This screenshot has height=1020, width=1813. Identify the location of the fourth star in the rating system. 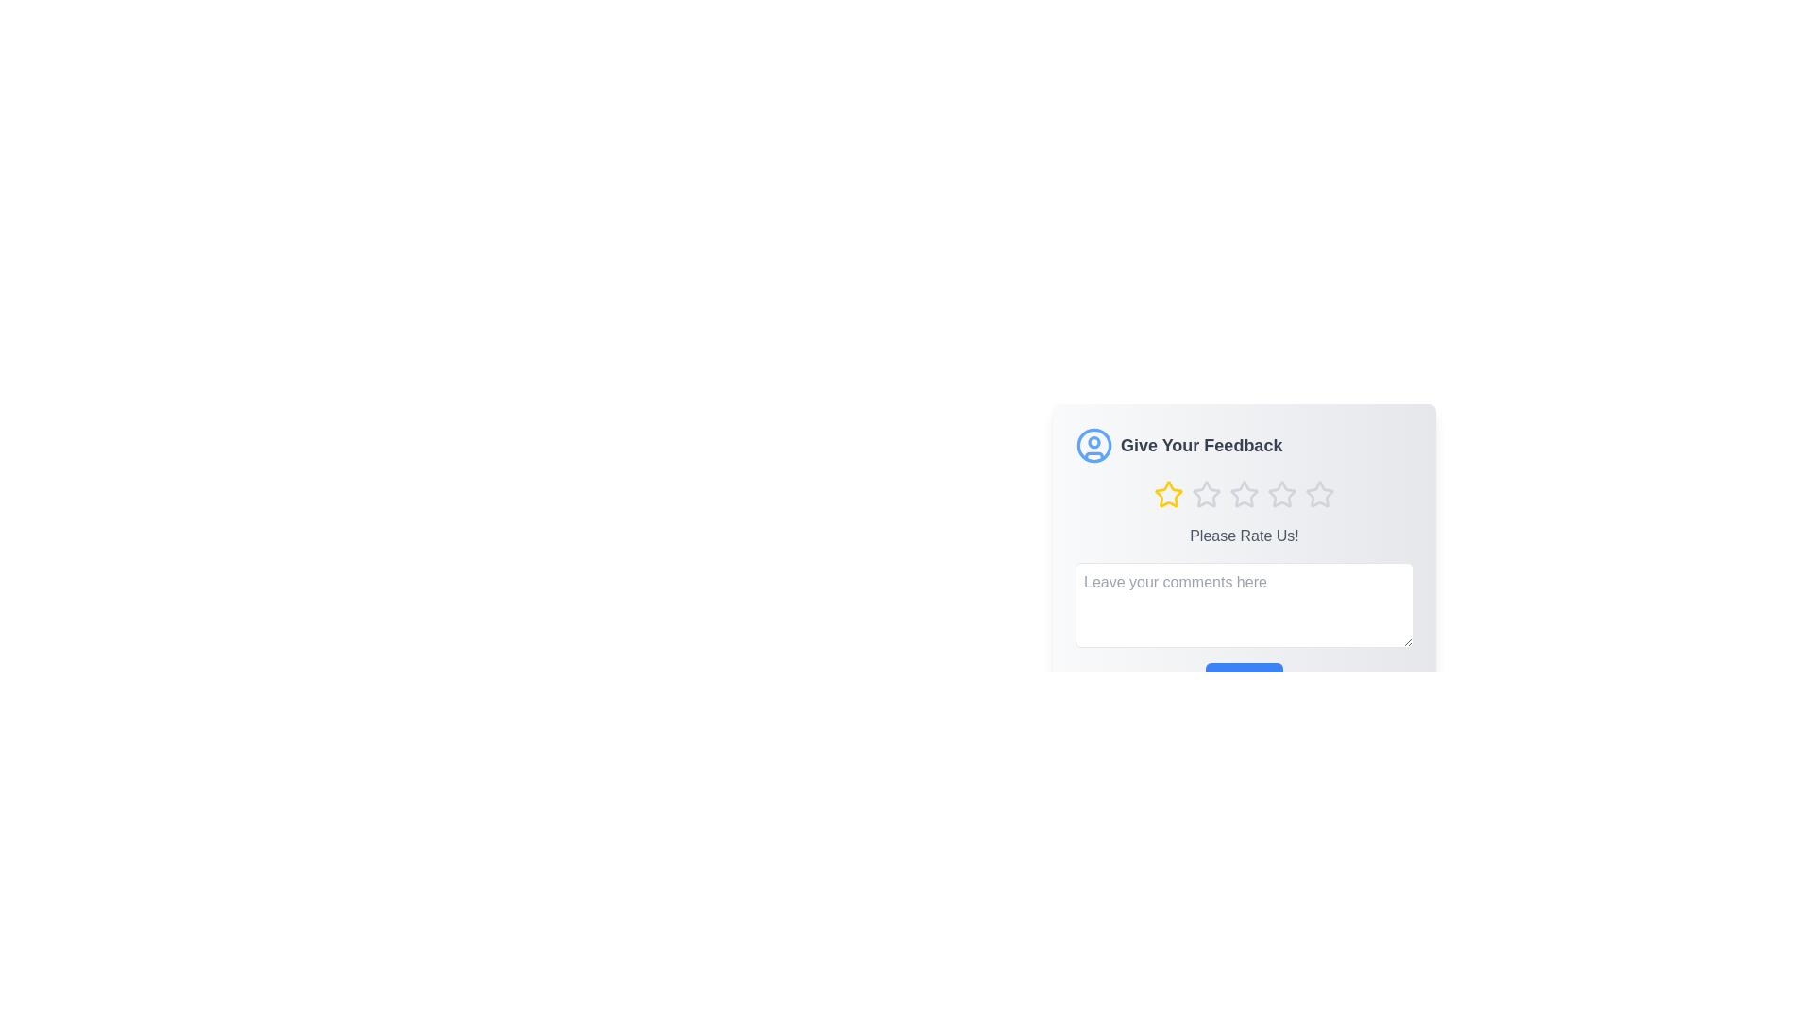
(1281, 493).